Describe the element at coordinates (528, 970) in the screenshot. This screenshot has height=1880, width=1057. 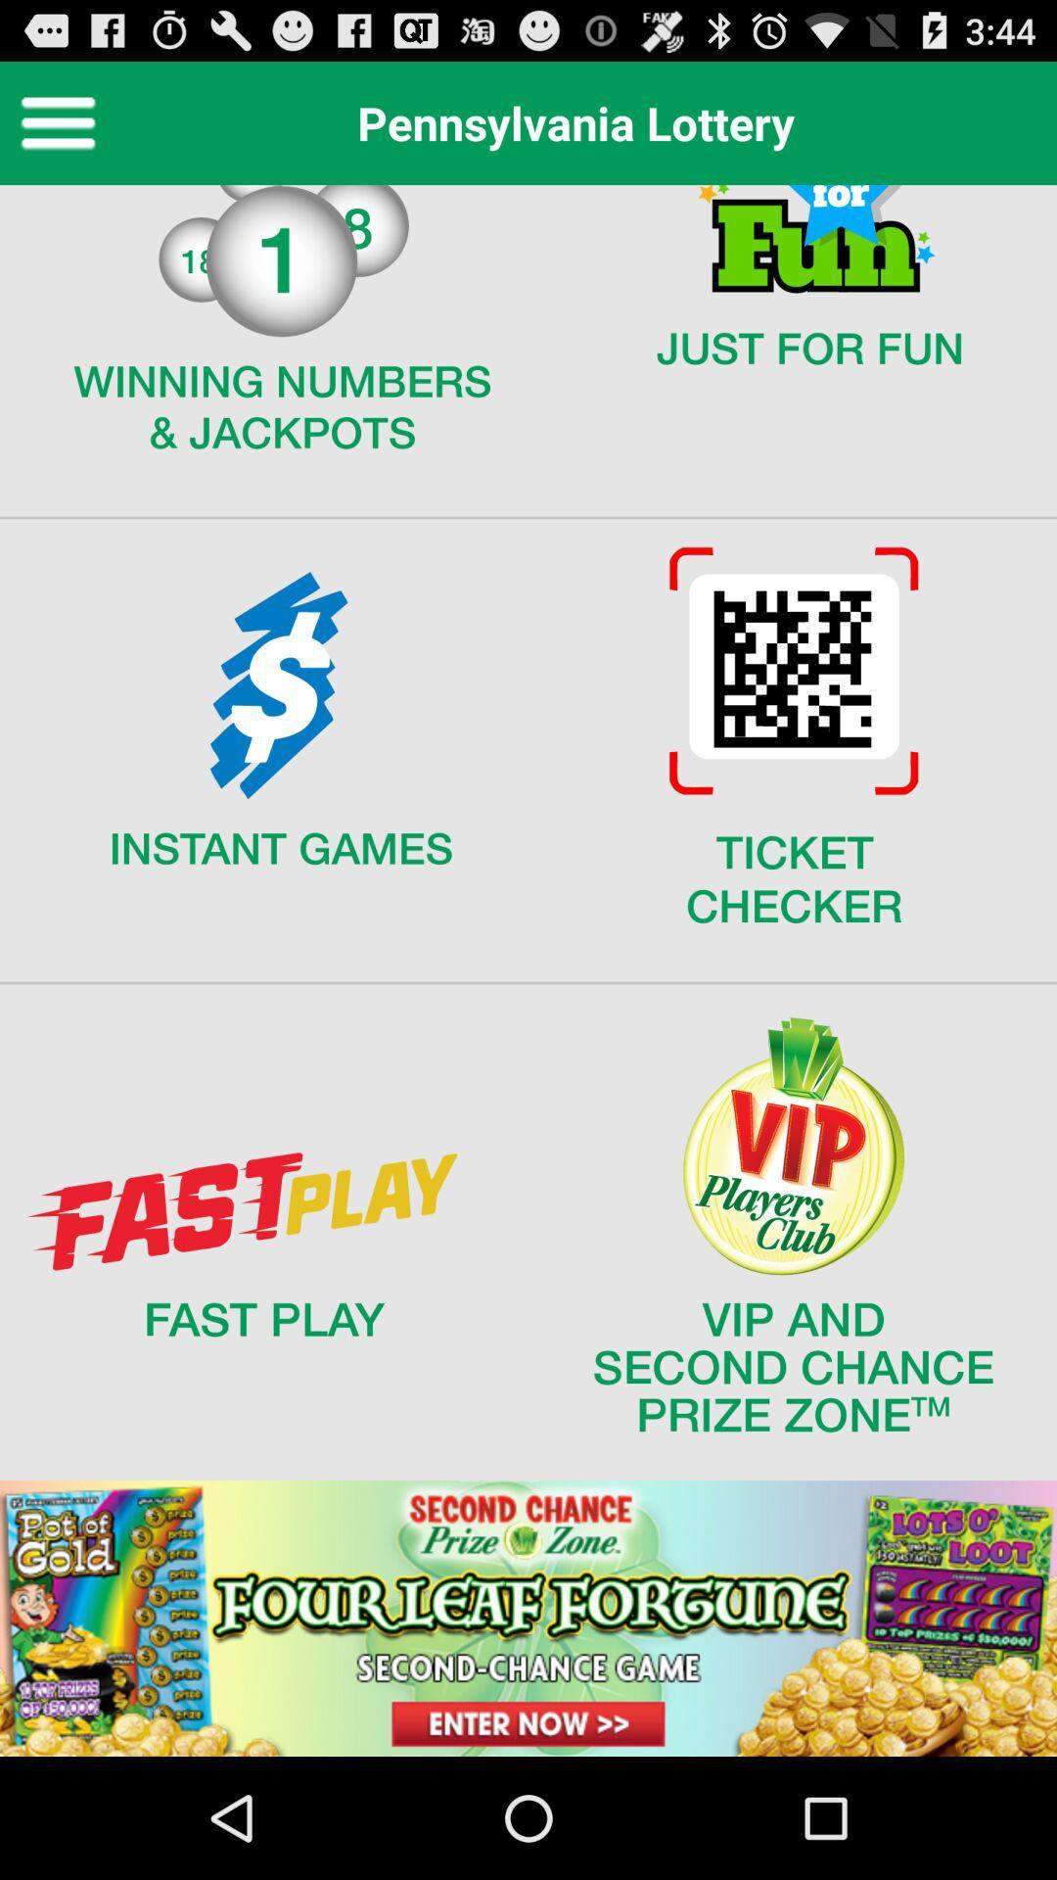
I see `display screen` at that location.